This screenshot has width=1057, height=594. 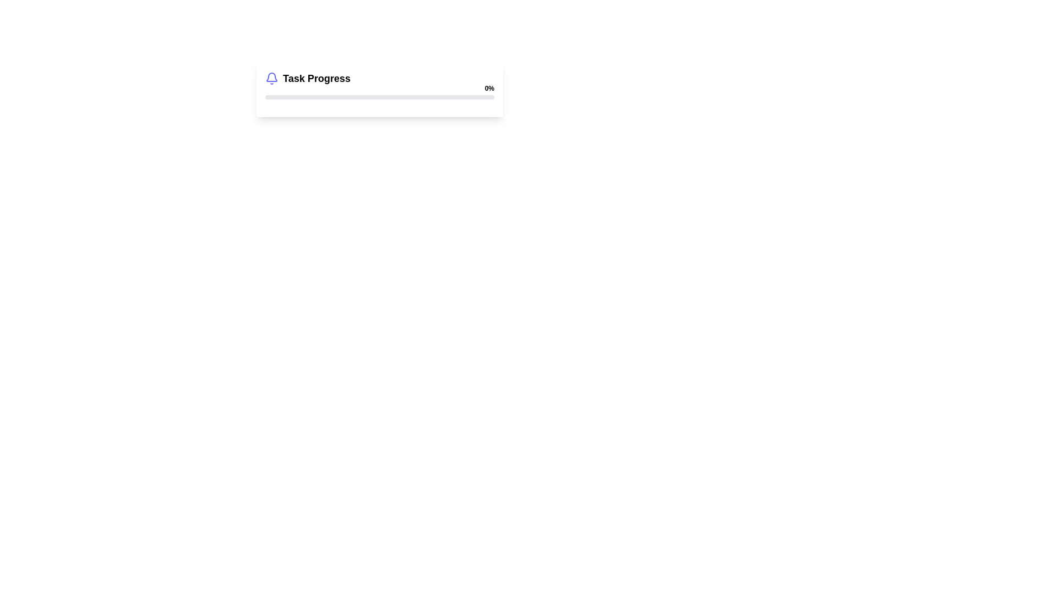 I want to click on the Static Text element displaying '0%' that indicates task completion, located at the top-right above the horizontal progress bar, so click(x=489, y=88).